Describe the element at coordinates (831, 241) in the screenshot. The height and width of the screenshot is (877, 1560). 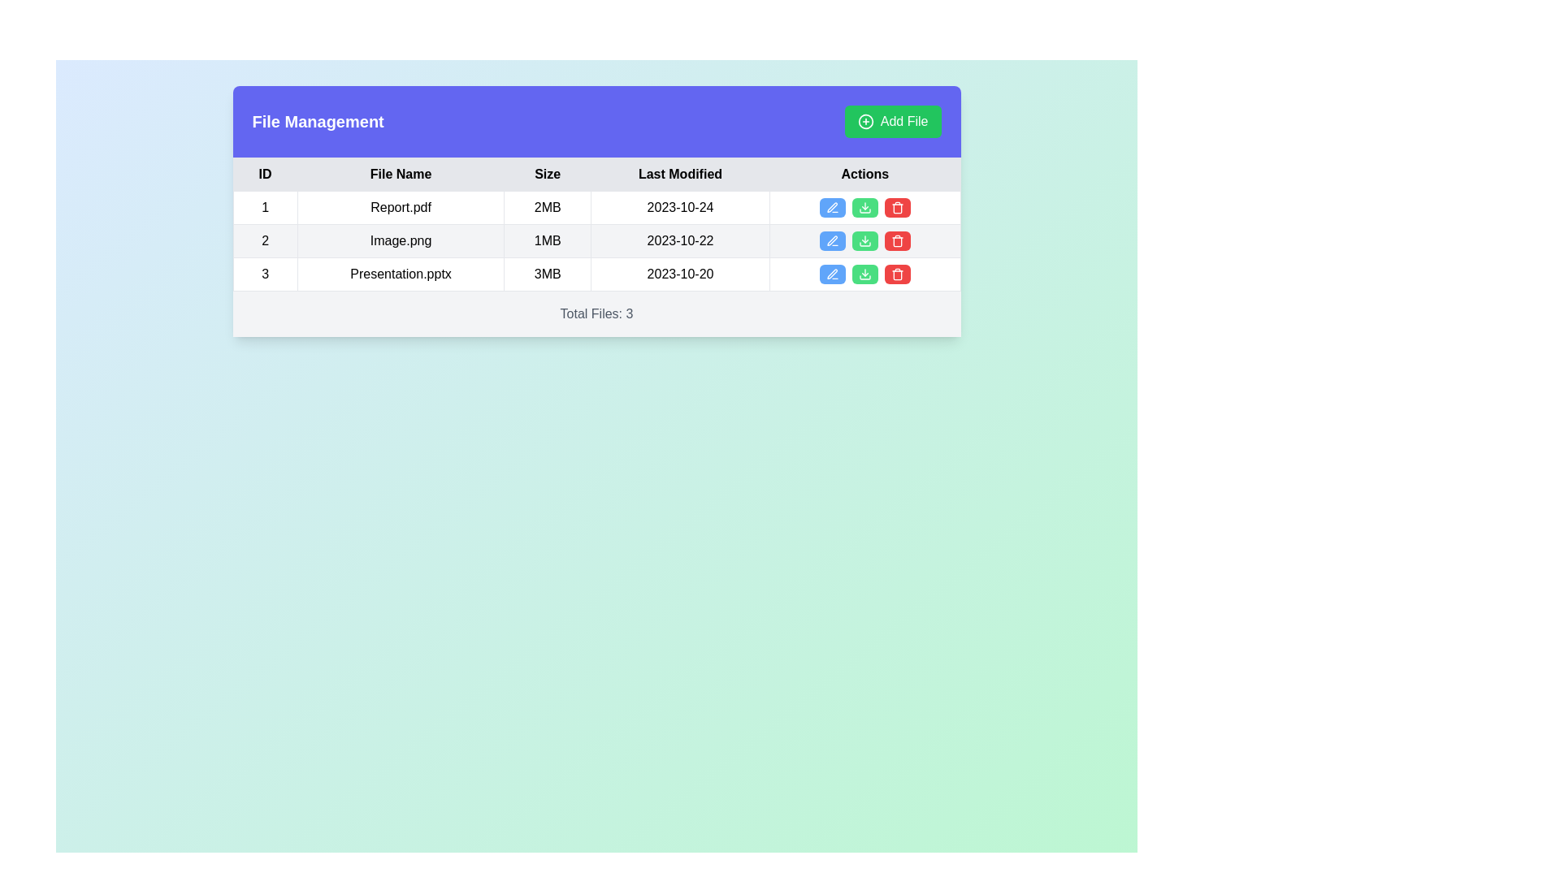
I see `the edit button located in the second row of the 'Actions' column for the file entry 'Image.png'` at that location.